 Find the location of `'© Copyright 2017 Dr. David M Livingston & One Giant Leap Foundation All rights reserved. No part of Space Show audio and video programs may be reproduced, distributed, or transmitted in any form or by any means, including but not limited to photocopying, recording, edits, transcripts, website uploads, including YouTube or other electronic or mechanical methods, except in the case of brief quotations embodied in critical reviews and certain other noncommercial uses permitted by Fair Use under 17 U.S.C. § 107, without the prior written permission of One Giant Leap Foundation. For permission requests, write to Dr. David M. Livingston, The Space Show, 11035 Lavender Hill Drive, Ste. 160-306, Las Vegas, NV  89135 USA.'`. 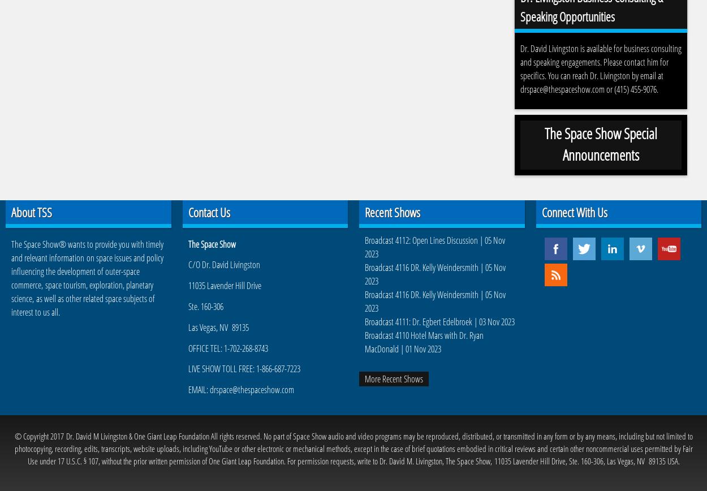

'© Copyright 2017 Dr. David M Livingston & One Giant Leap Foundation All rights reserved. No part of Space Show audio and video programs may be reproduced, distributed, or transmitted in any form or by any means, including but not limited to photocopying, recording, edits, transcripts, website uploads, including YouTube or other electronic or mechanical methods, except in the case of brief quotations embodied in critical reviews and certain other noncommercial uses permitted by Fair Use under 17 U.S.C. § 107, without the prior written permission of One Giant Leap Foundation. For permission requests, write to Dr. David M. Livingston, The Space Show, 11035 Lavender Hill Drive, Ste. 160-306, Las Vegas, NV  89135 USA.' is located at coordinates (352, 447).